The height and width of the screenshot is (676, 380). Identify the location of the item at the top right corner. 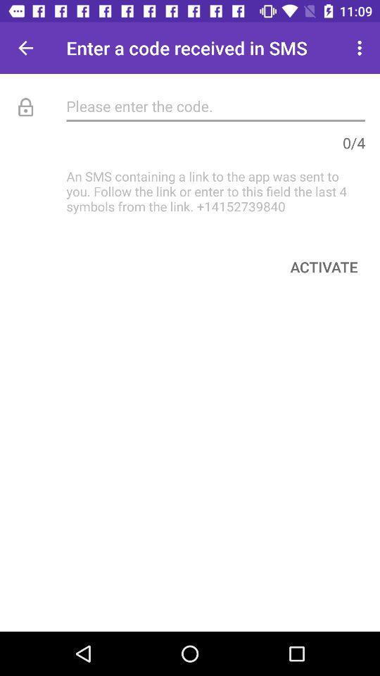
(361, 48).